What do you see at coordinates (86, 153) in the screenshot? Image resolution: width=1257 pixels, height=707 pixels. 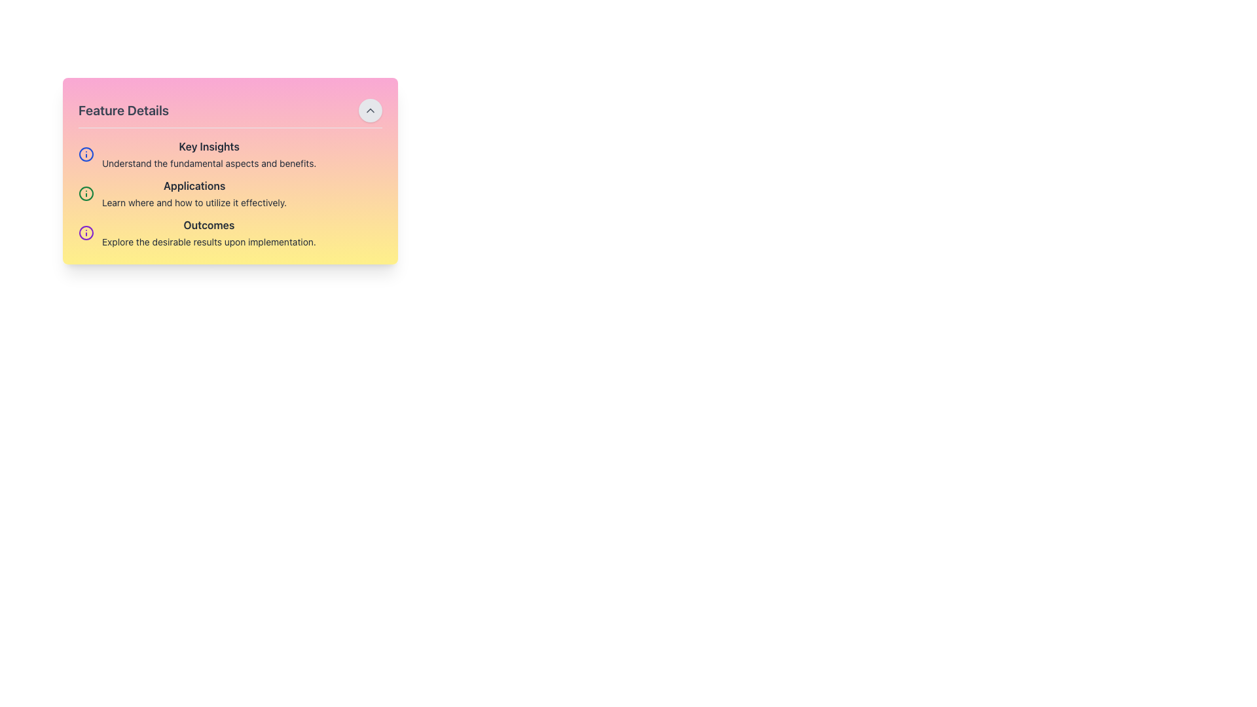 I see `the outermost circular SVG graphic with a blue outline and white center, which represents an information icon located adjacent to the 'Key Insights' heading` at bounding box center [86, 153].